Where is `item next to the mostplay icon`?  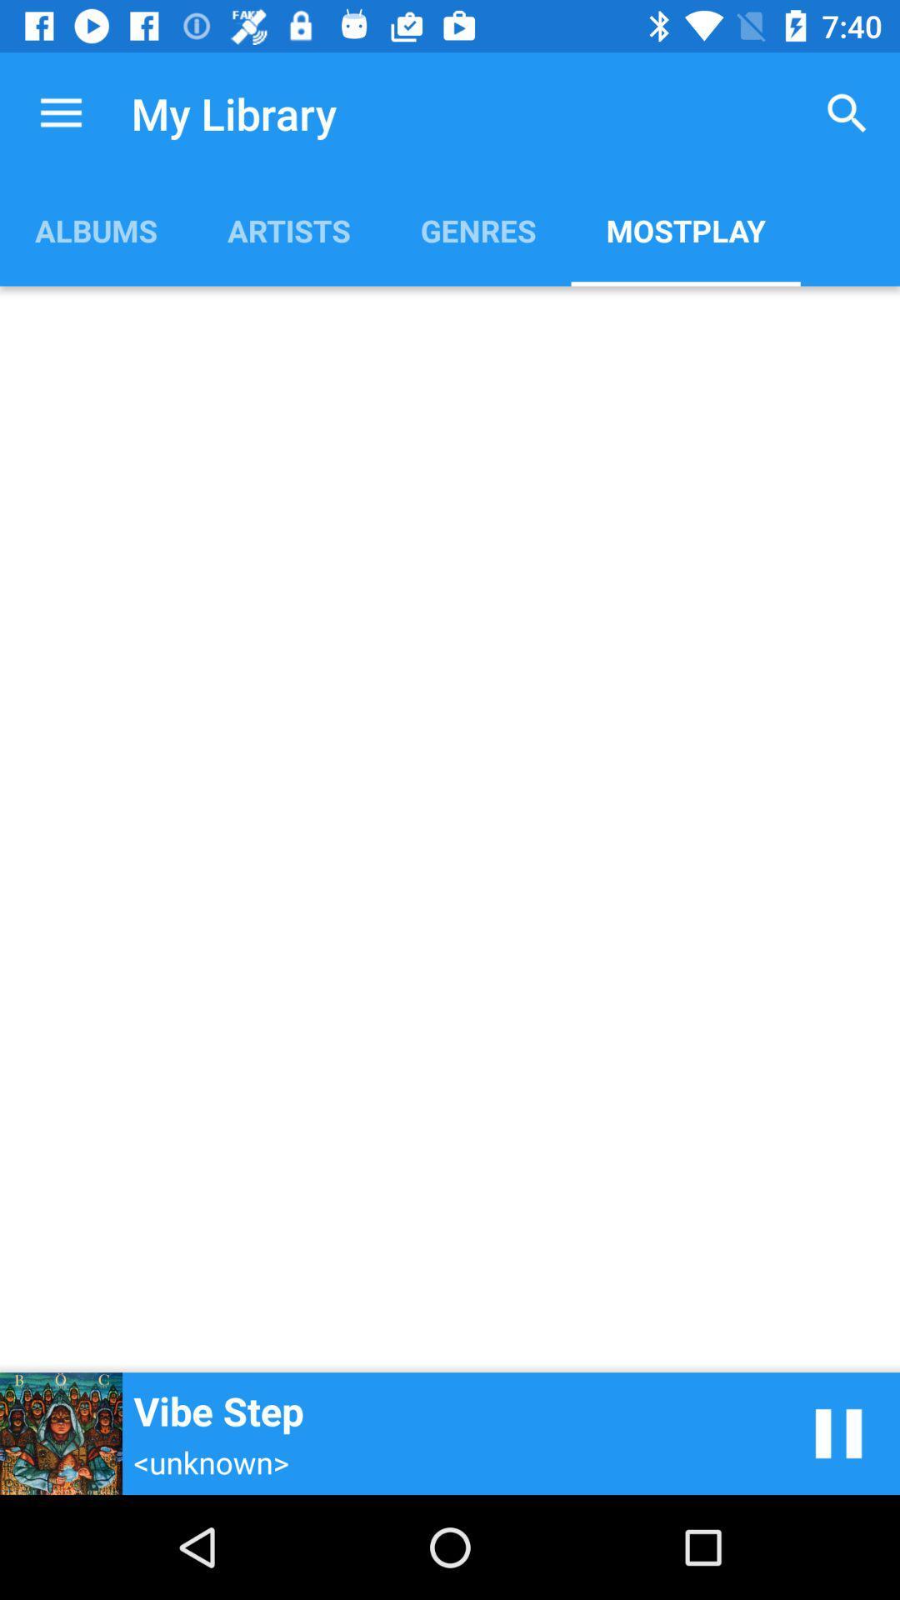
item next to the mostplay icon is located at coordinates (478, 229).